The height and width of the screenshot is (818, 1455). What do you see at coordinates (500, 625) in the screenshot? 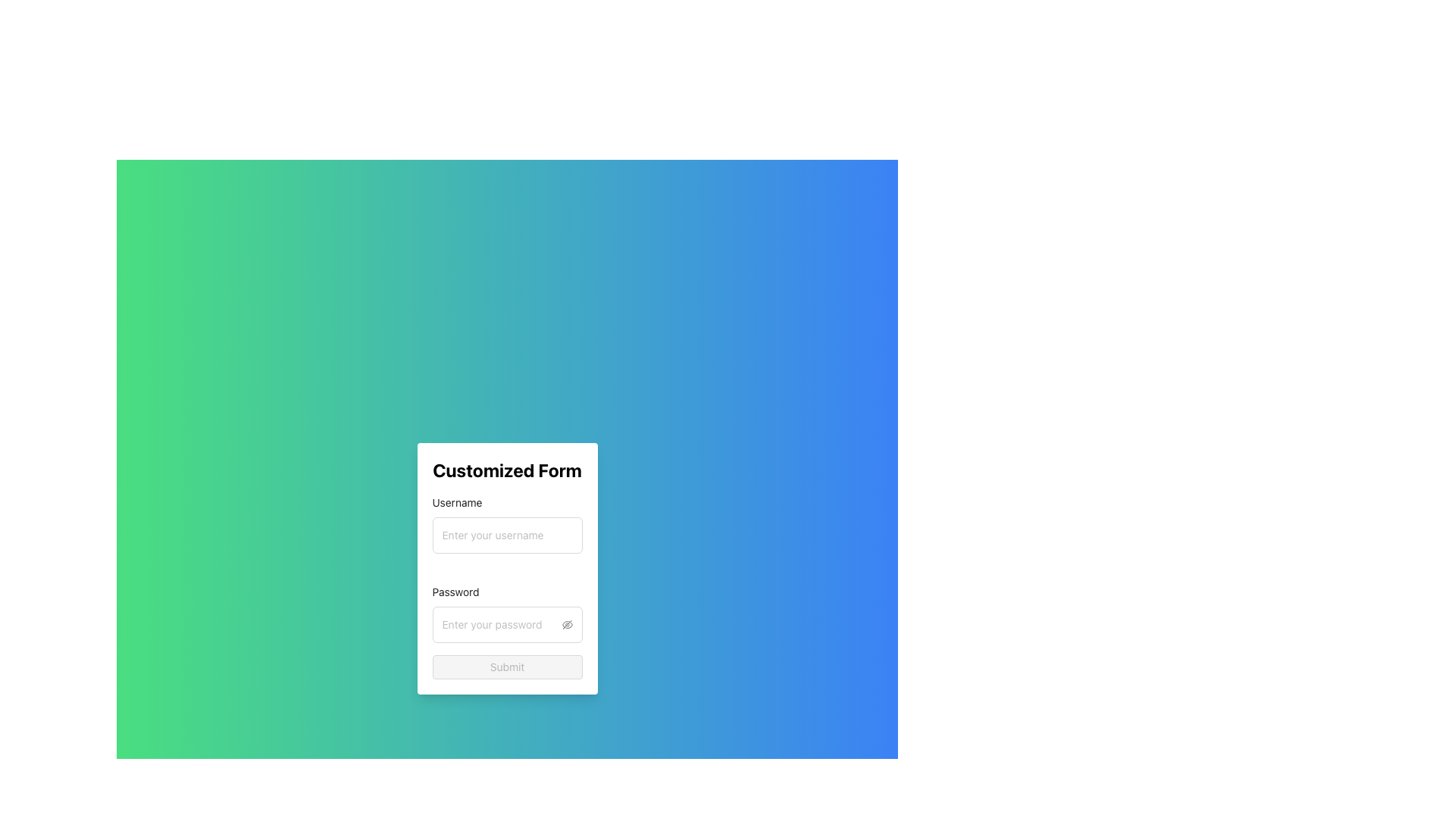
I see `the password input field with placeholder 'Enter your password'` at bounding box center [500, 625].